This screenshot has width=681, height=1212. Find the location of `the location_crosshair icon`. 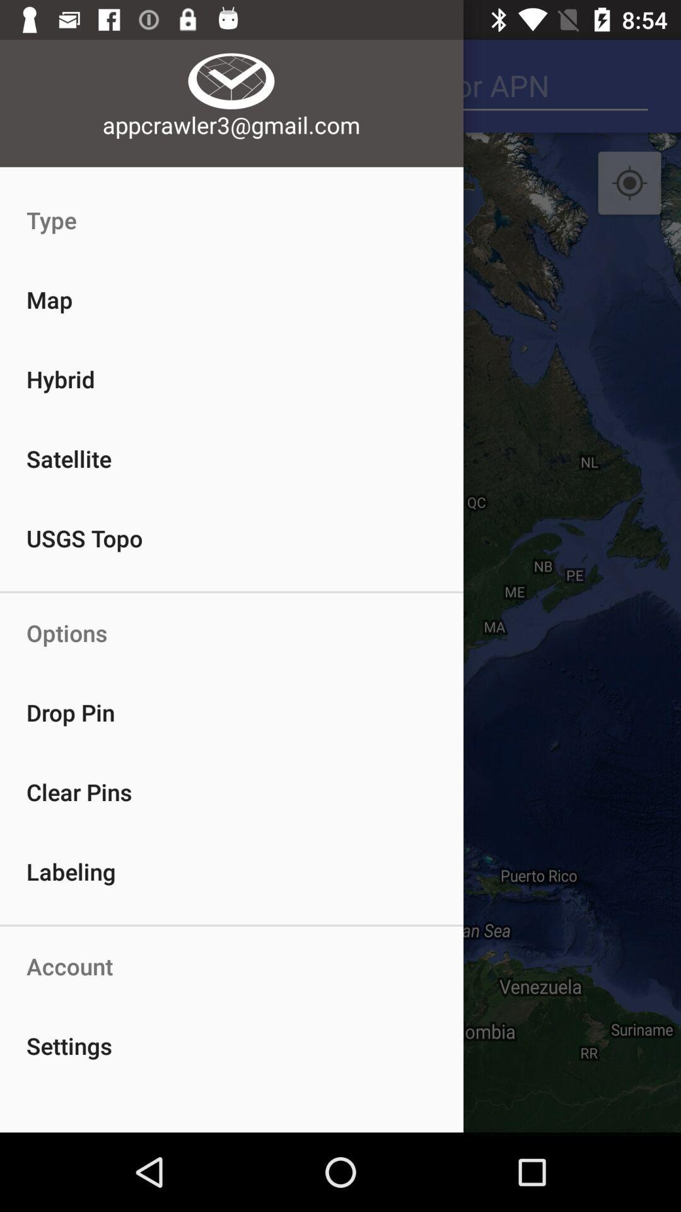

the location_crosshair icon is located at coordinates (629, 183).